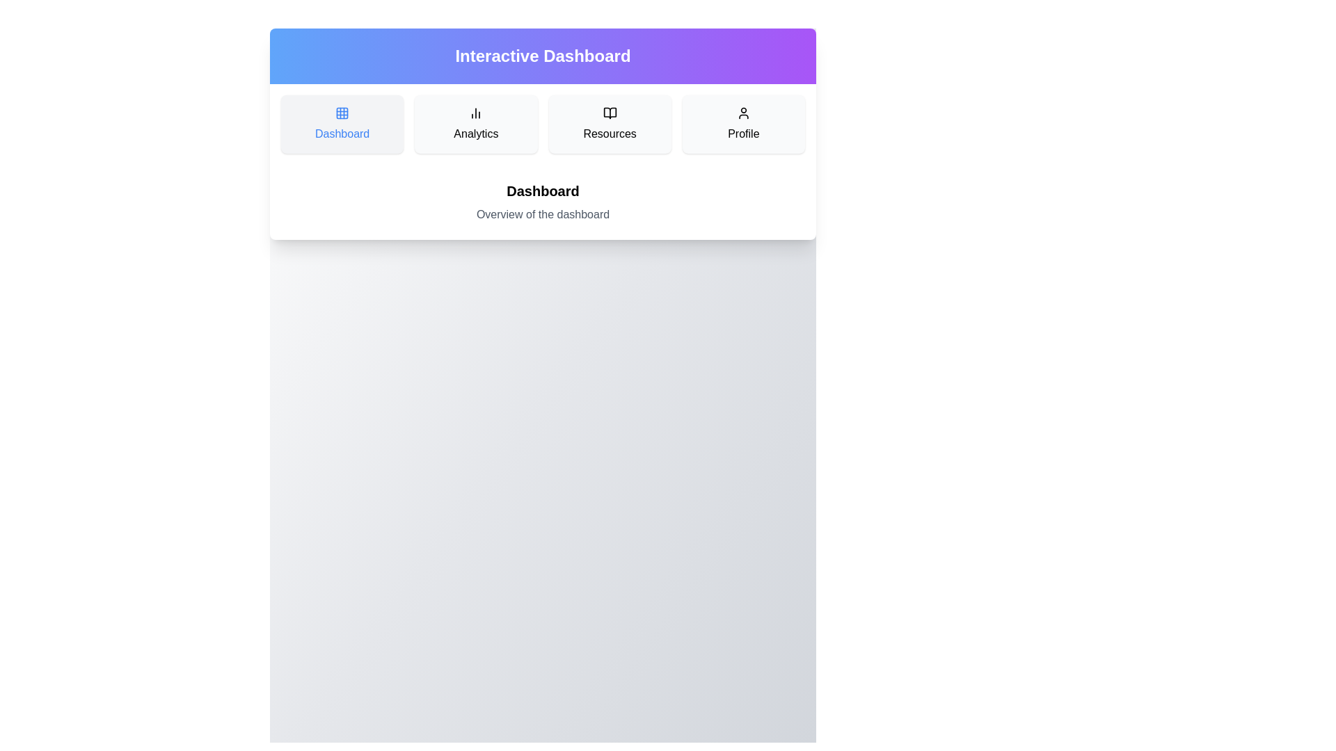 This screenshot has height=751, width=1336. Describe the element at coordinates (742, 123) in the screenshot. I see `the Profile section by clicking on its button` at that location.